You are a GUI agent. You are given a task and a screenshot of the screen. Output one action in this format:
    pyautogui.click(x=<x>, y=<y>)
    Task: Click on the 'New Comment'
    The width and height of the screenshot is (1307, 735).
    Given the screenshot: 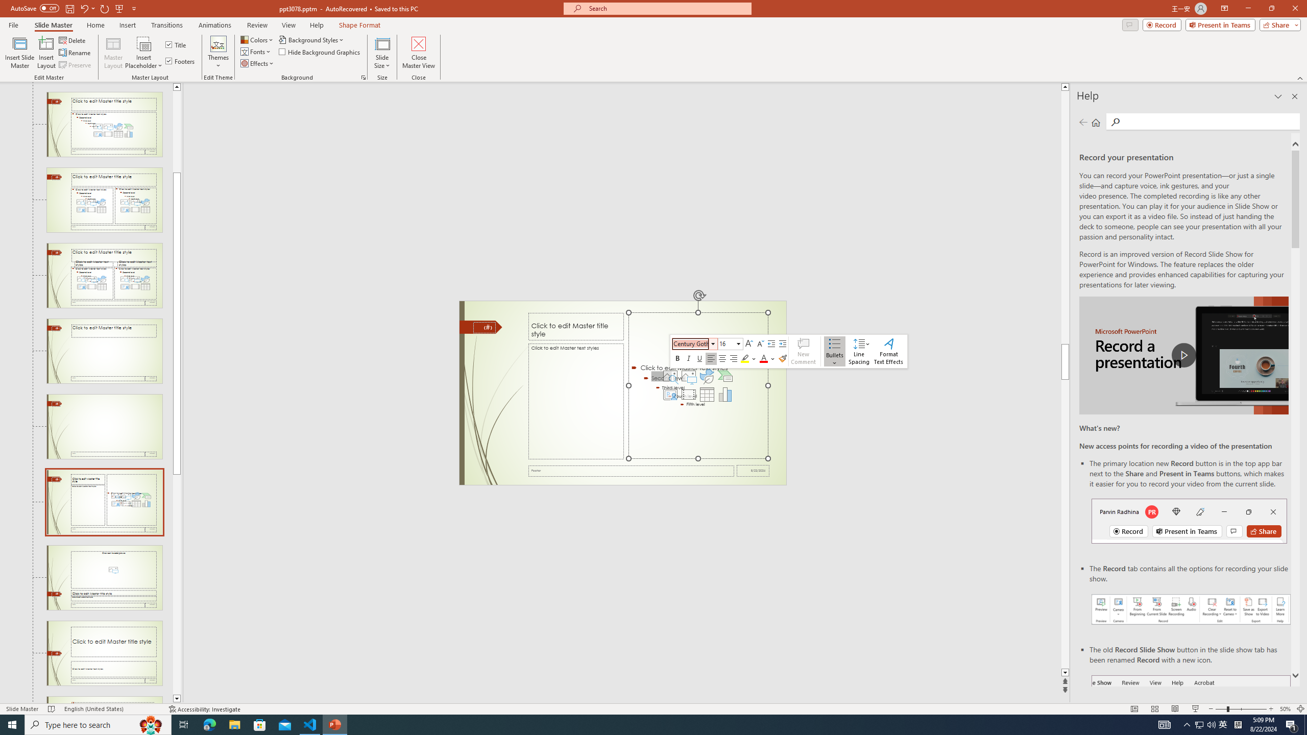 What is the action you would take?
    pyautogui.click(x=803, y=352)
    